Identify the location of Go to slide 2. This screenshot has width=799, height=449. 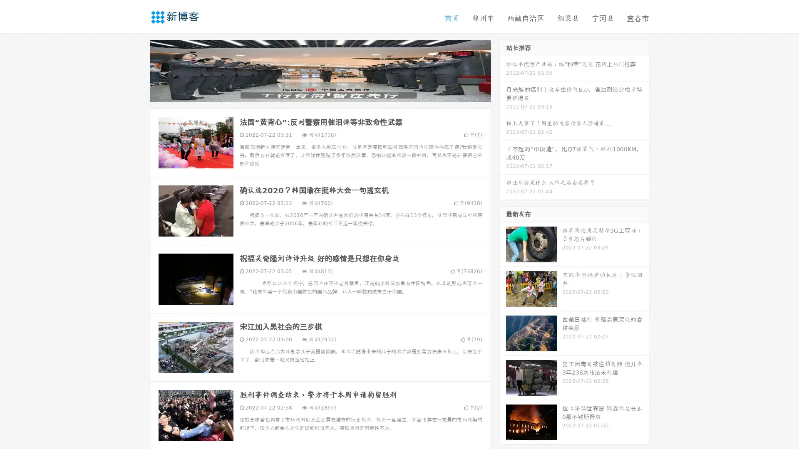
(320, 94).